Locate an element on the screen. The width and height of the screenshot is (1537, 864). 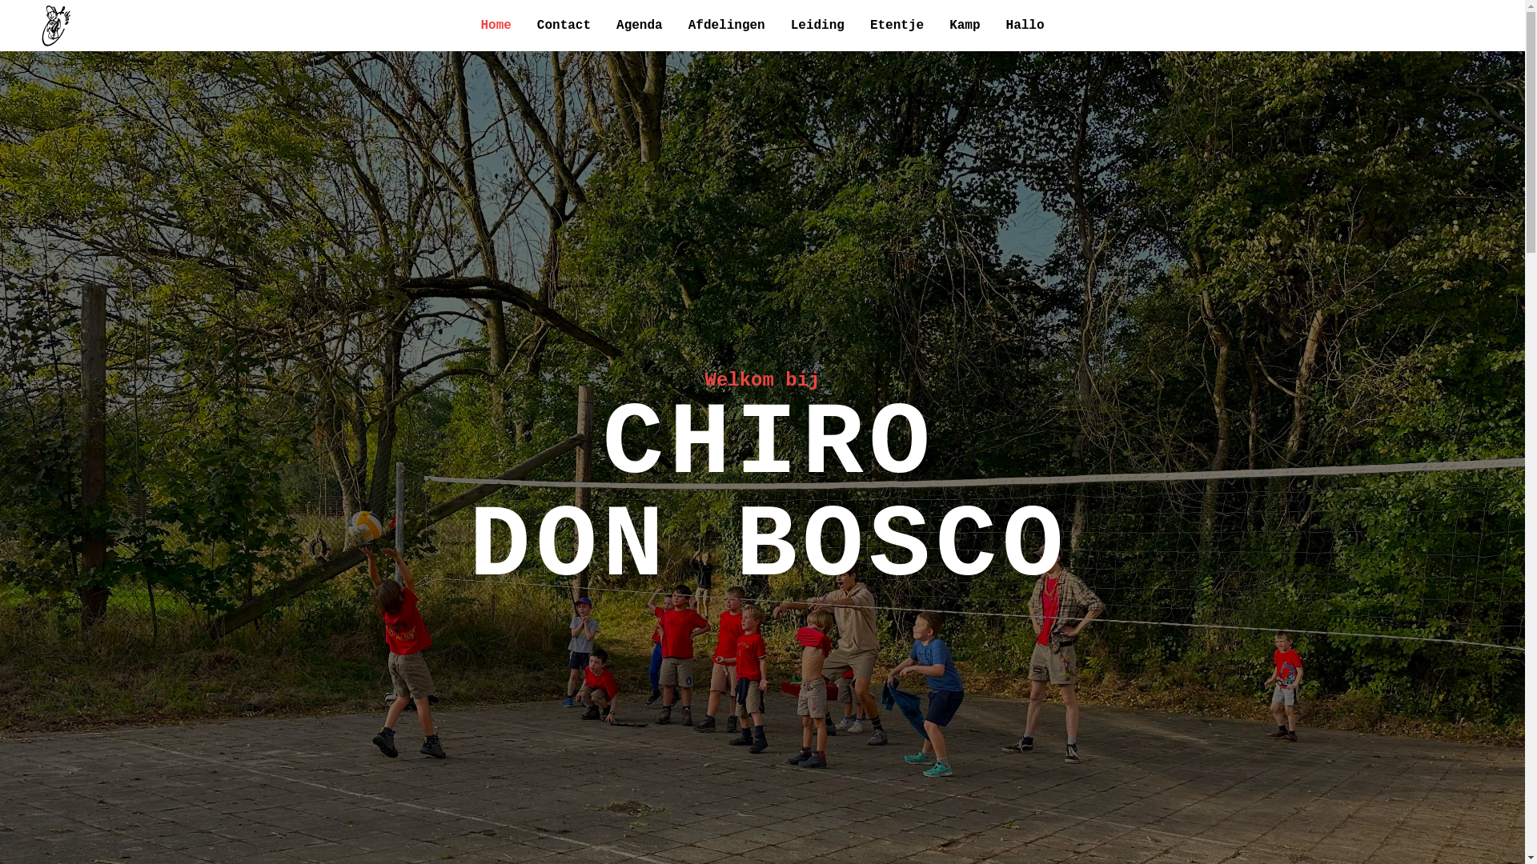
'Afdelingen' is located at coordinates (725, 25).